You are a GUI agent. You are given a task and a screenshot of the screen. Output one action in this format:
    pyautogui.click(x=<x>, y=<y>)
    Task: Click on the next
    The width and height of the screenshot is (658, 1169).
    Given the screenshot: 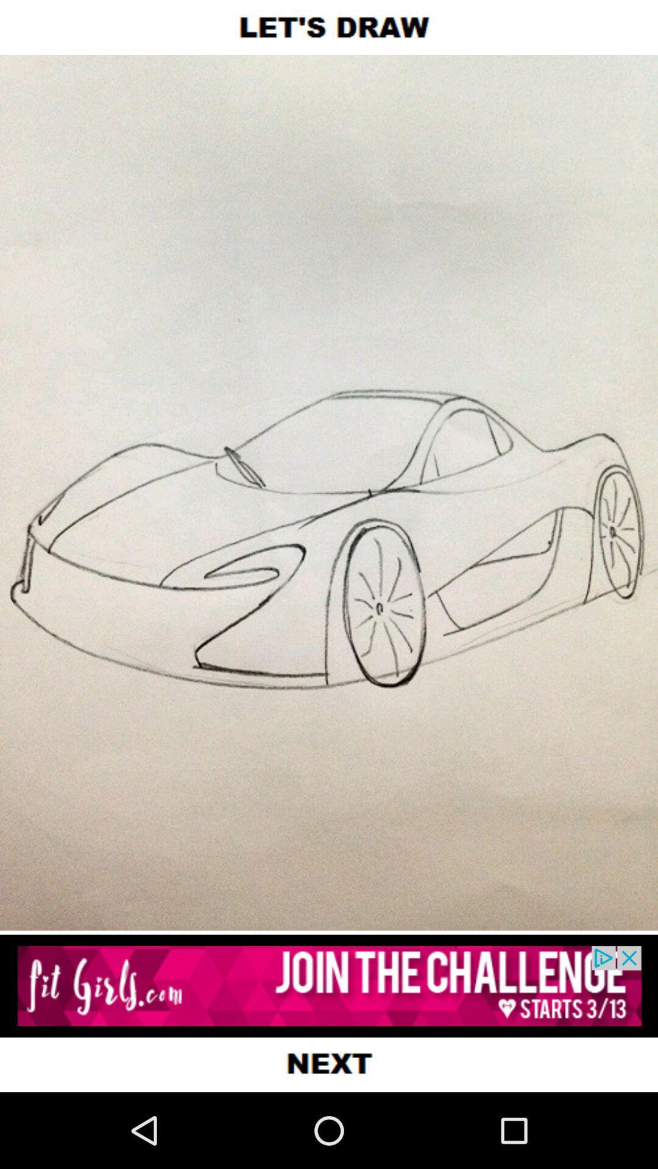 What is the action you would take?
    pyautogui.click(x=329, y=1064)
    